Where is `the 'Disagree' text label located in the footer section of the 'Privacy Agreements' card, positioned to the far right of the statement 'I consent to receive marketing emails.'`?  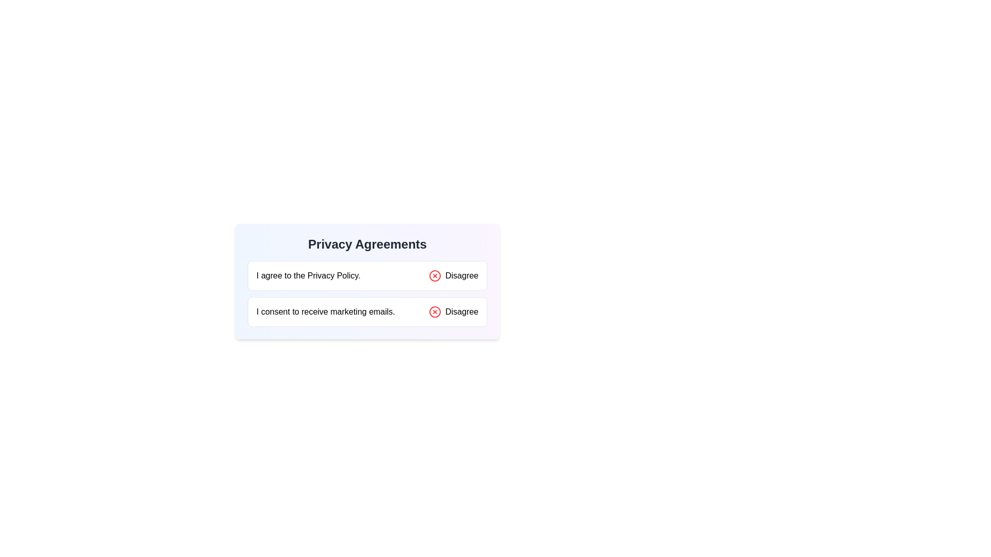 the 'Disagree' text label located in the footer section of the 'Privacy Agreements' card, positioned to the far right of the statement 'I consent to receive marketing emails.' is located at coordinates (461, 312).